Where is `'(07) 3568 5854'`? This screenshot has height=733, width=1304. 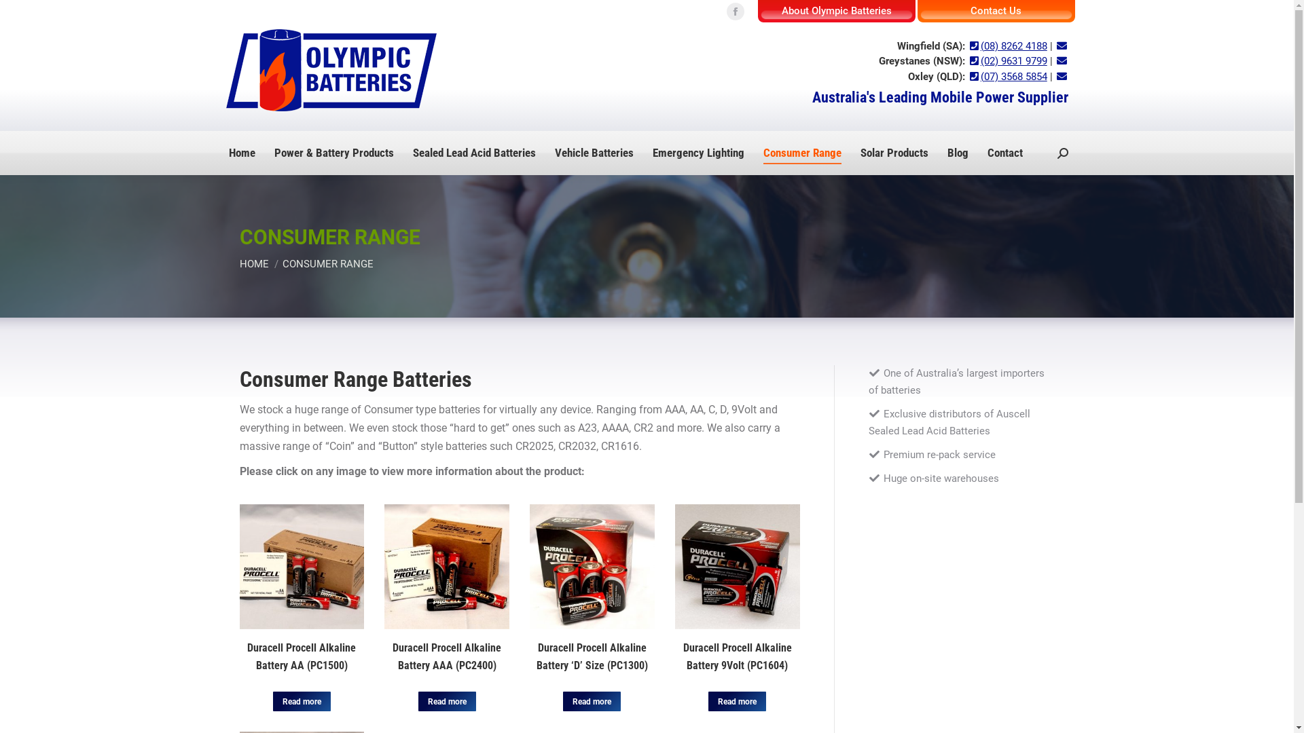
'(07) 3568 5854' is located at coordinates (1007, 76).